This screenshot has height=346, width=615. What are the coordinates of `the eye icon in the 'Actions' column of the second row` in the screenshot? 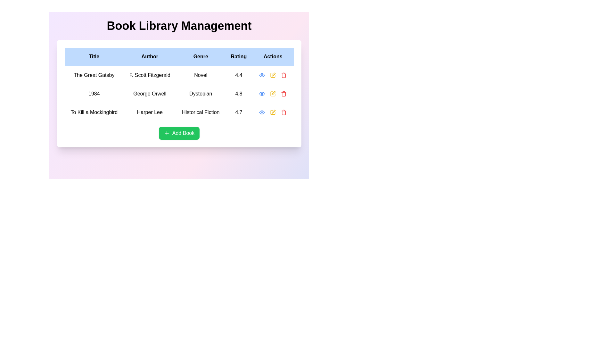 It's located at (262, 75).